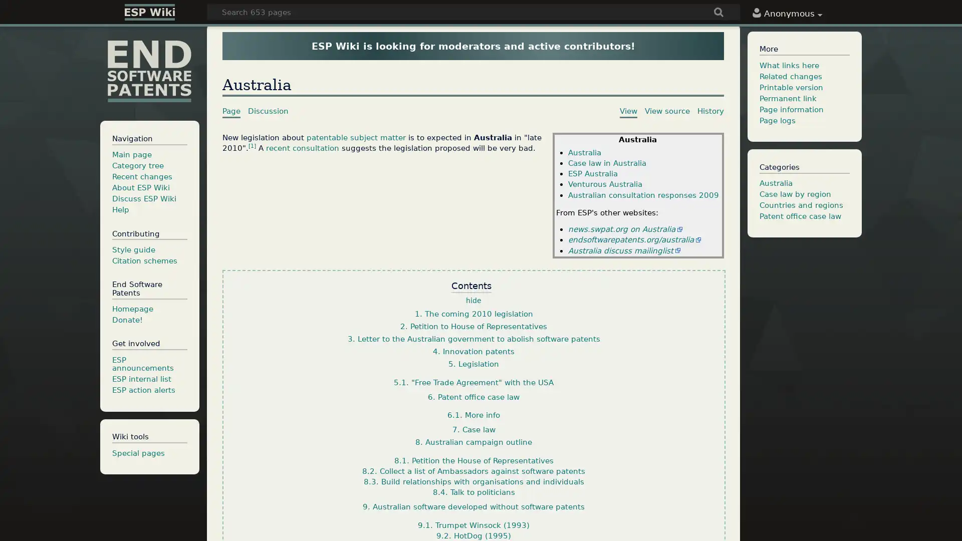 Image resolution: width=962 pixels, height=541 pixels. Describe the element at coordinates (718, 13) in the screenshot. I see `Go` at that location.